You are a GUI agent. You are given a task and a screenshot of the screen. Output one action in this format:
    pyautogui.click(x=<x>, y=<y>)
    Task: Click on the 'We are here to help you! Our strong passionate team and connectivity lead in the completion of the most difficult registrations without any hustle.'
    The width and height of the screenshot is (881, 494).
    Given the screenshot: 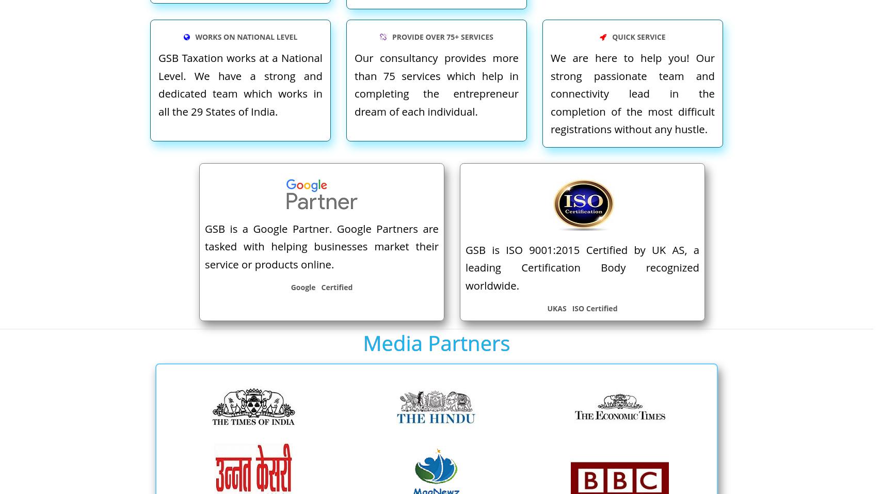 What is the action you would take?
    pyautogui.click(x=632, y=93)
    